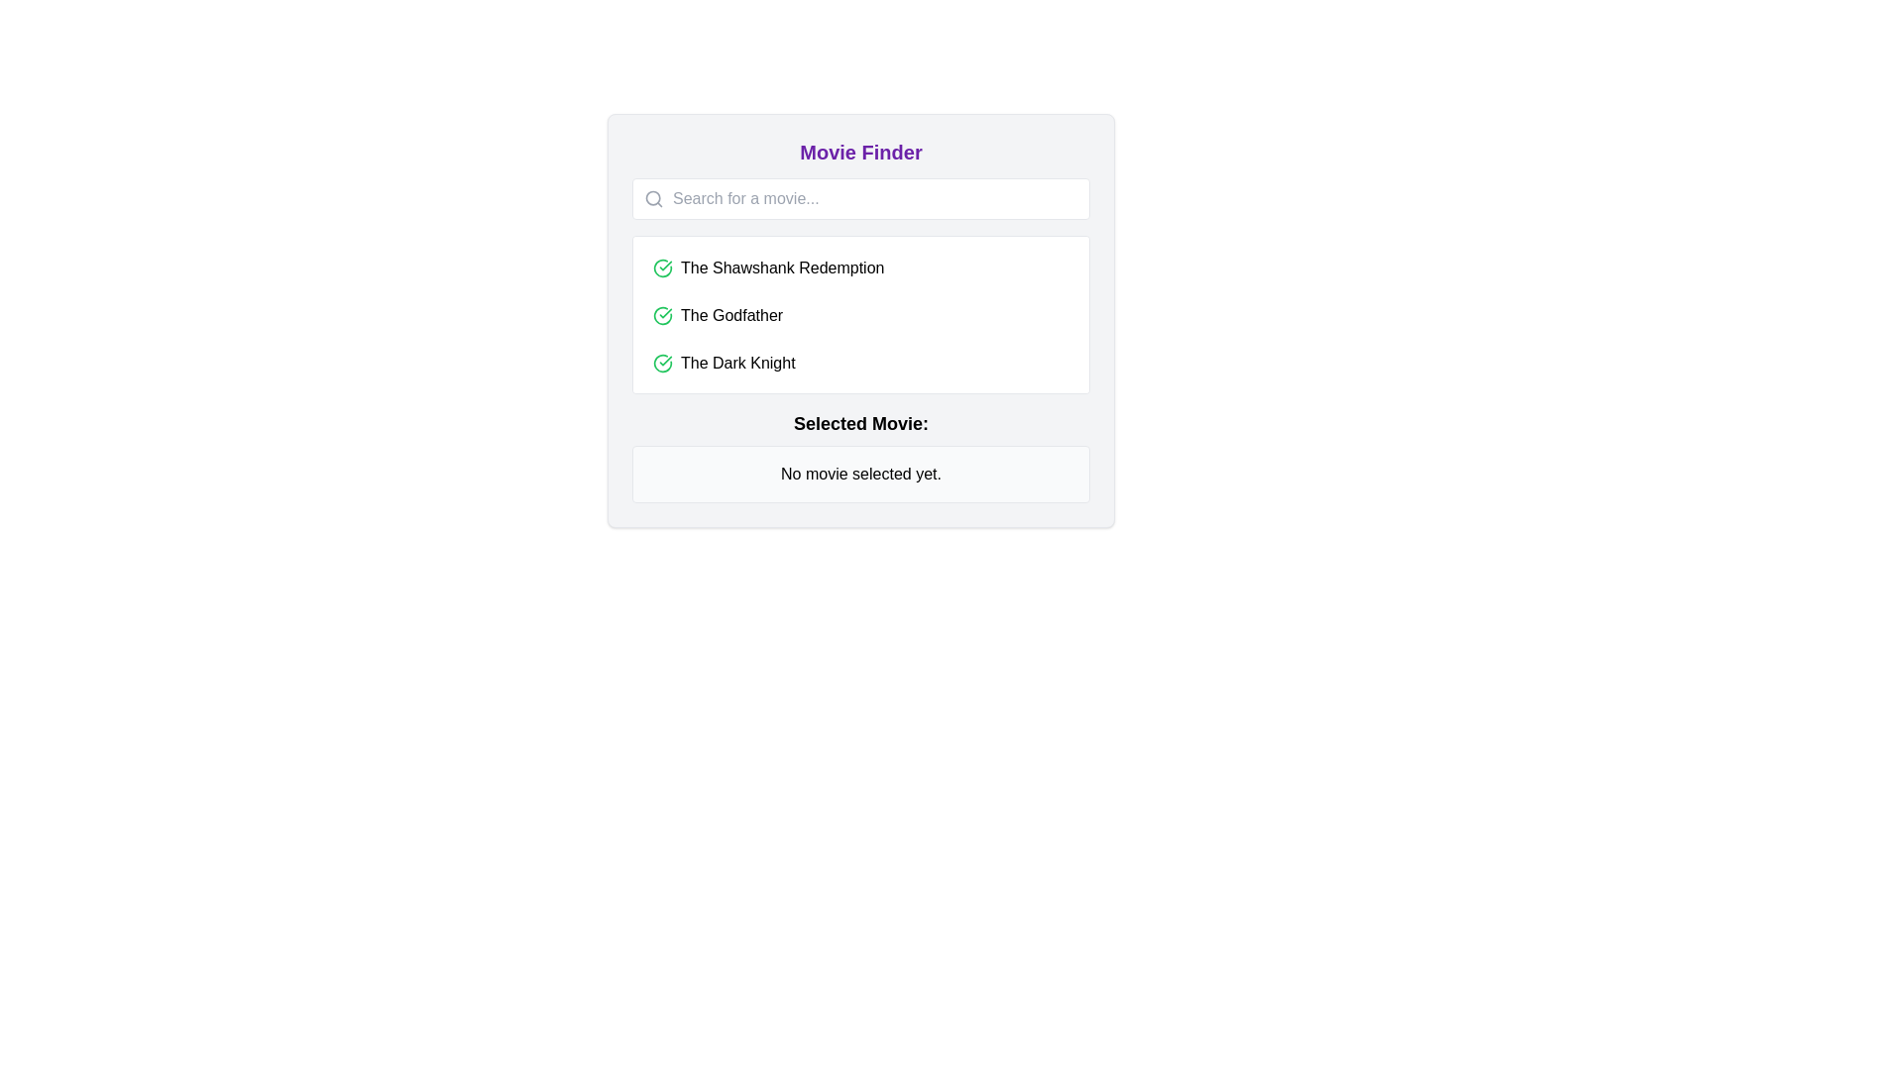 This screenshot has width=1903, height=1070. What do you see at coordinates (860, 363) in the screenshot?
I see `the third list item titled 'The Dark Knight' in the vertical movie list` at bounding box center [860, 363].